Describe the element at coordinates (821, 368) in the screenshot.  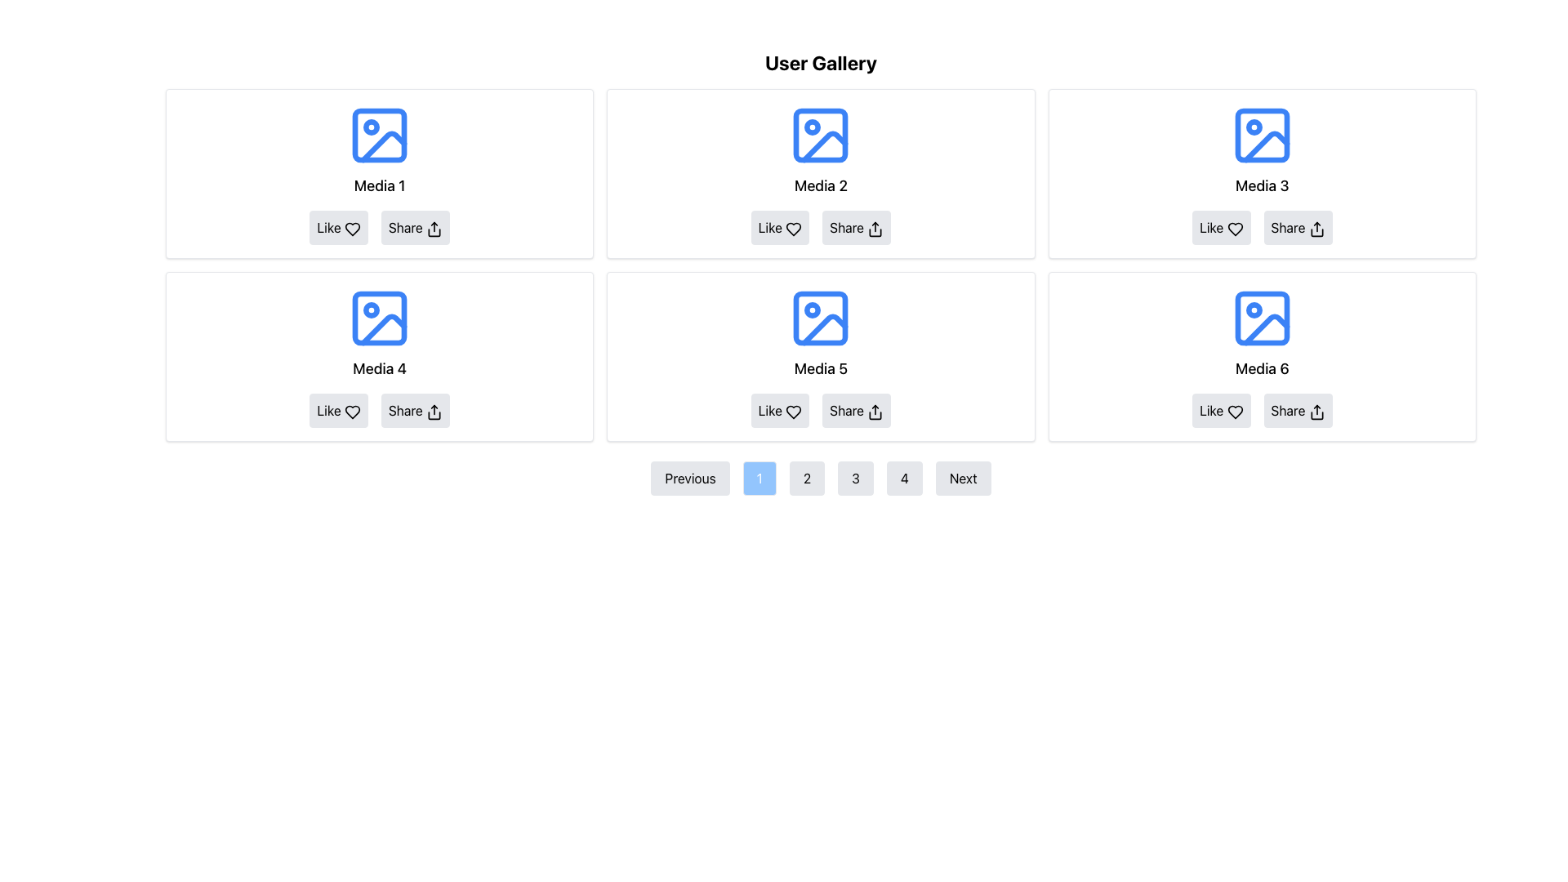
I see `the Static Text Label that serves as a title for the media content in the card labeled 'Media 5', located in the second row and third column of the 2x3 grid layout` at that location.